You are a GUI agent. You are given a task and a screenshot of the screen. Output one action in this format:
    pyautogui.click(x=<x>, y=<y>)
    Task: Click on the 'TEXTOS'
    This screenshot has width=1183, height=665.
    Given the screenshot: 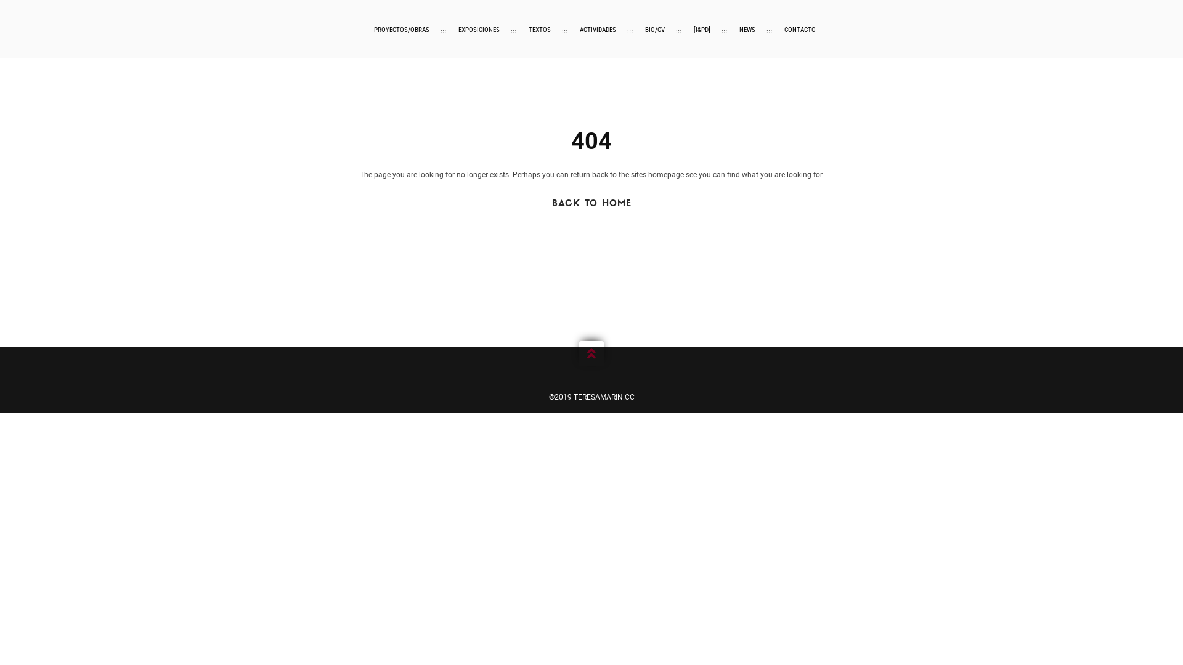 What is the action you would take?
    pyautogui.click(x=540, y=30)
    